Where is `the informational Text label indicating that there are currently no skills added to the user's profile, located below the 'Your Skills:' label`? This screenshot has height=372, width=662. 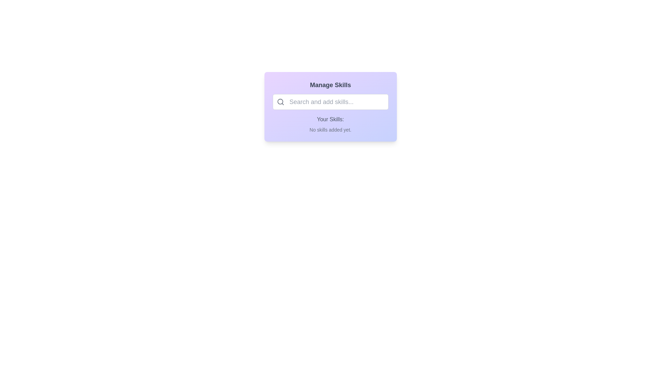
the informational Text label indicating that there are currently no skills added to the user's profile, located below the 'Your Skills:' label is located at coordinates (330, 130).